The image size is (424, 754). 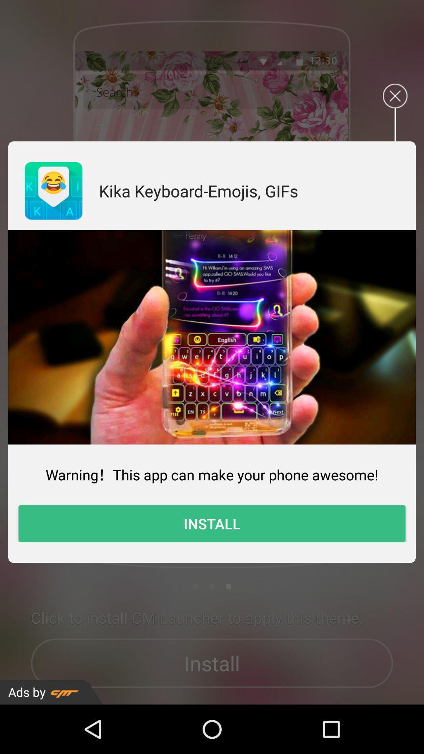 I want to click on warning this app app, so click(x=212, y=474).